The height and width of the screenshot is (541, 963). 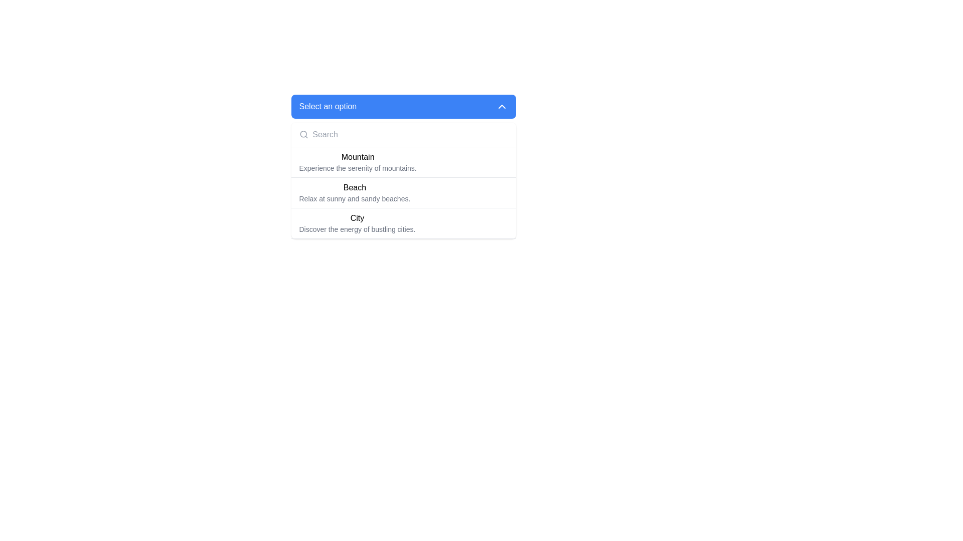 What do you see at coordinates (403, 223) in the screenshot?
I see `the 'City' menu option, which is identified by its bold label and descriptive text, to select and confirm` at bounding box center [403, 223].